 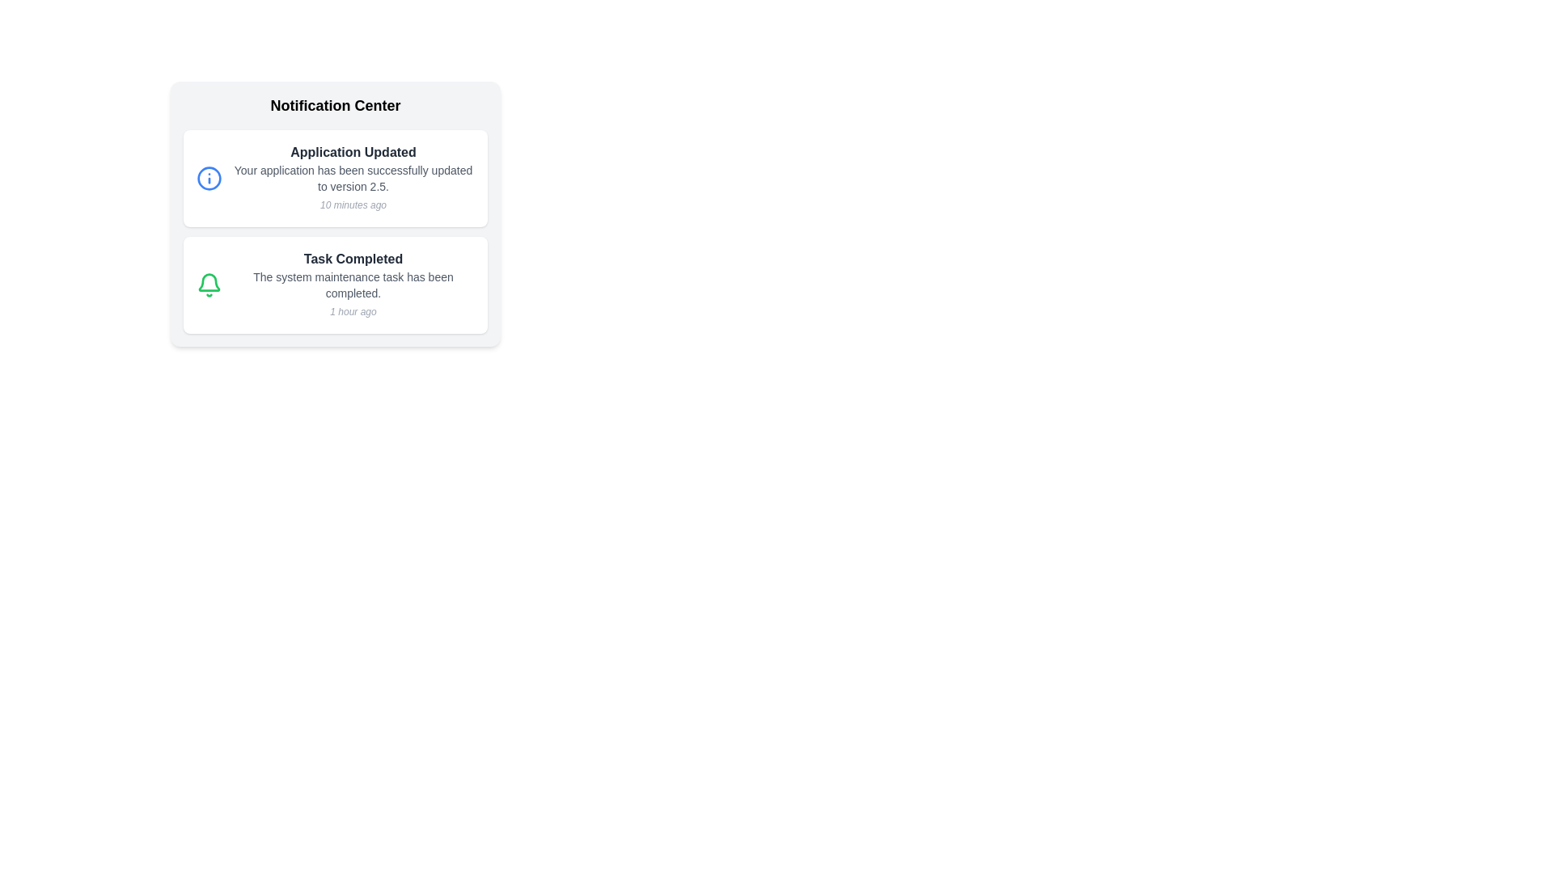 I want to click on the 'Task Completed' notification icon located in the second notification card under the header 'Notification Center', so click(x=209, y=285).